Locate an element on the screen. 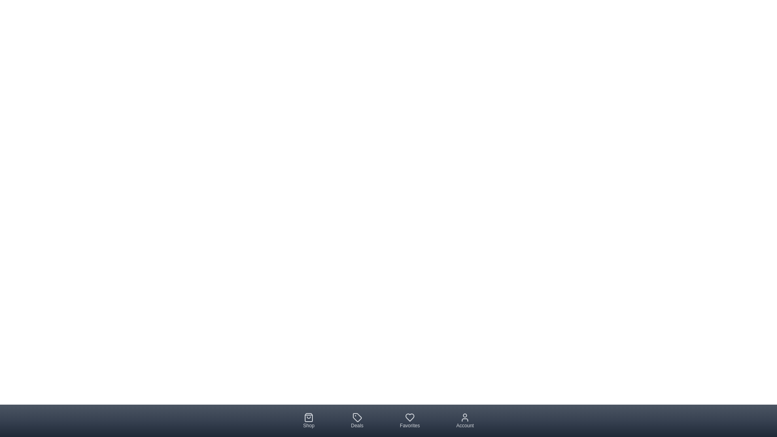  the 'Shop' tab in the bottom navigation bar is located at coordinates (308, 420).